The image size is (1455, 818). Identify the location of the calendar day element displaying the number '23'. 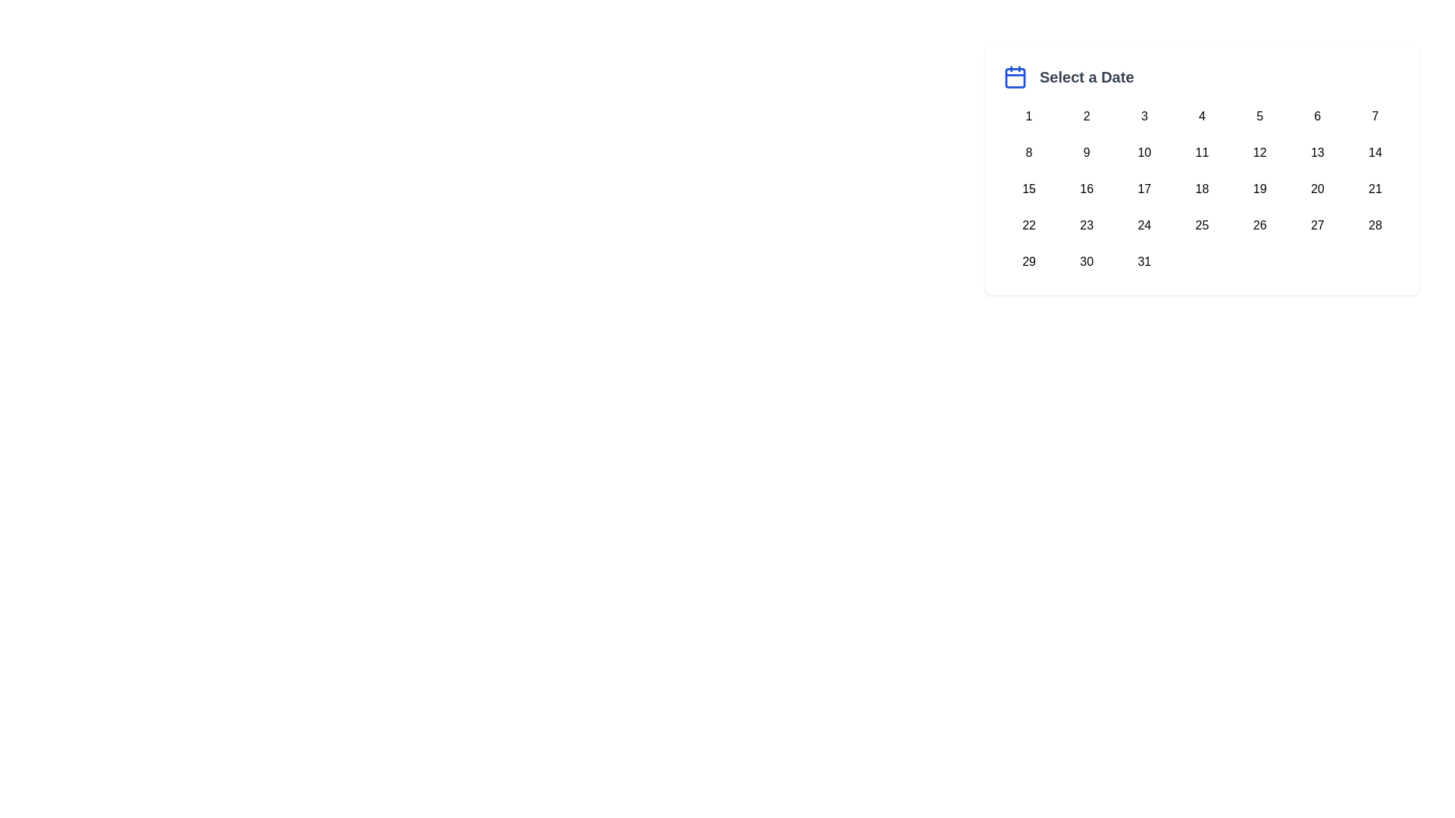
(1086, 225).